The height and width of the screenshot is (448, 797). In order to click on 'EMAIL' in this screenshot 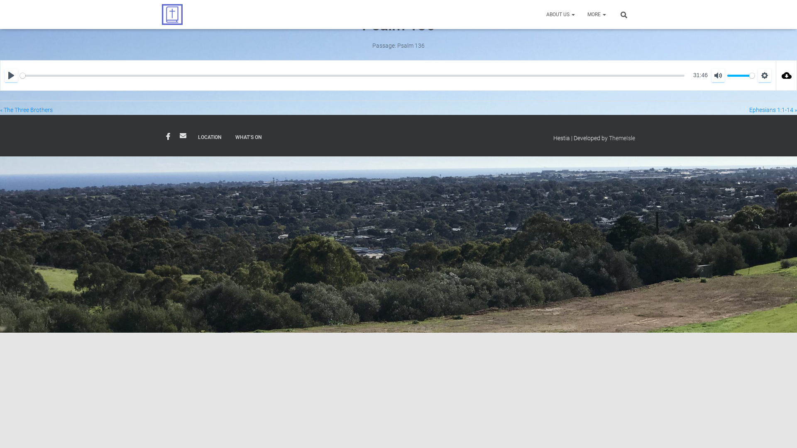, I will do `click(183, 135)`.